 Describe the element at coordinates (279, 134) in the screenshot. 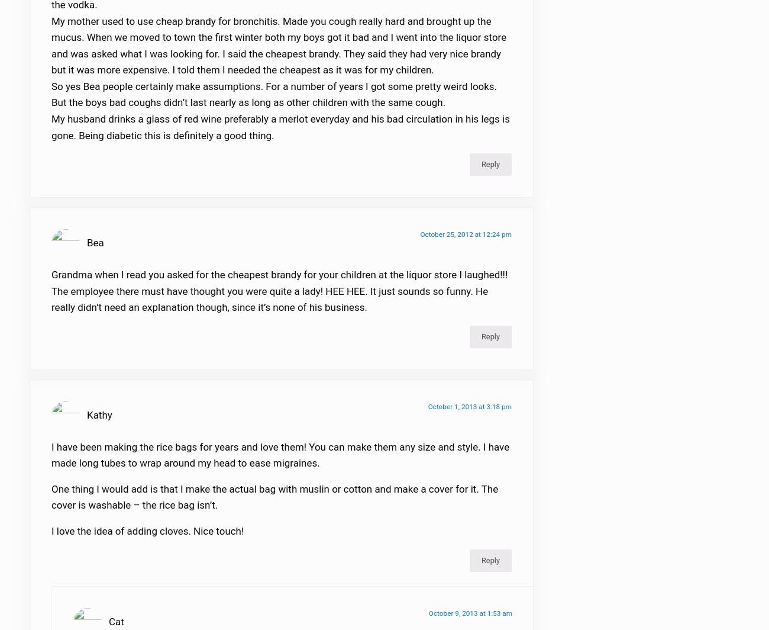

I see `'My husband drinks a glass of red wine preferably a merlot everyday and his bad circulation in his legs is gone. Being diabetic this is definitely a good thing.'` at that location.